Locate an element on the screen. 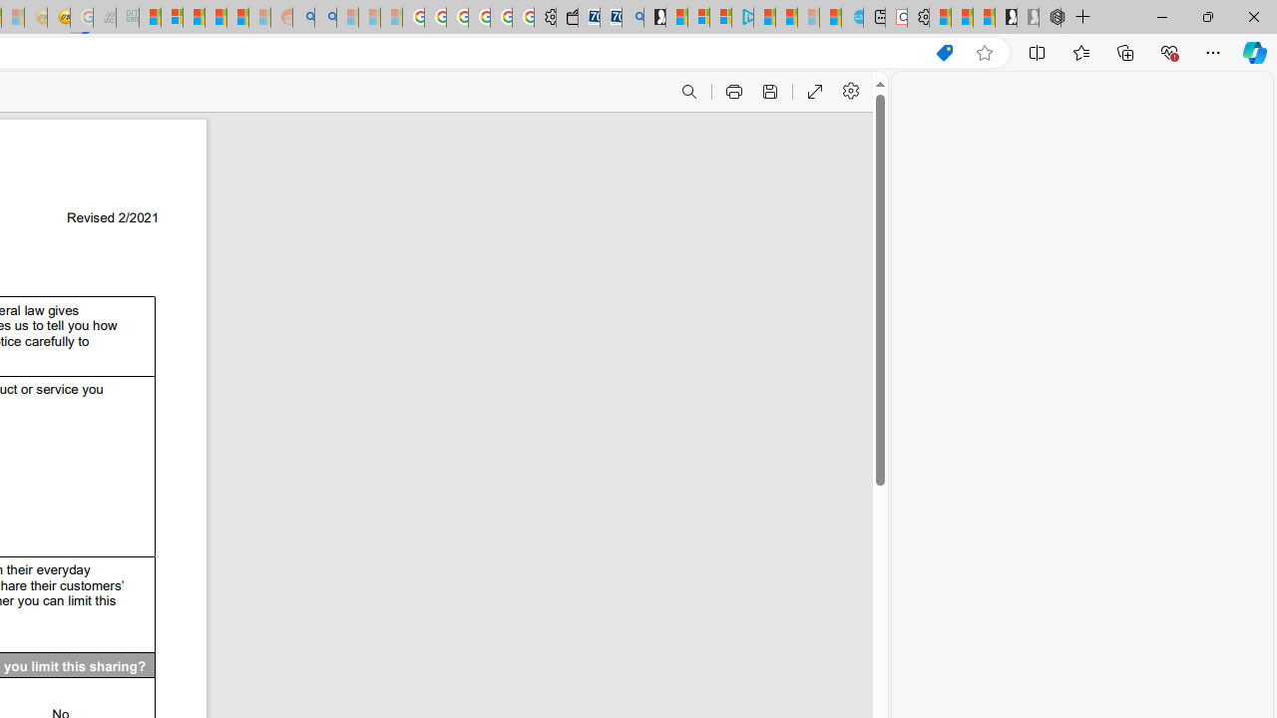 The height and width of the screenshot is (718, 1277). 'Shopping in Microsoft Edge' is located at coordinates (943, 52).